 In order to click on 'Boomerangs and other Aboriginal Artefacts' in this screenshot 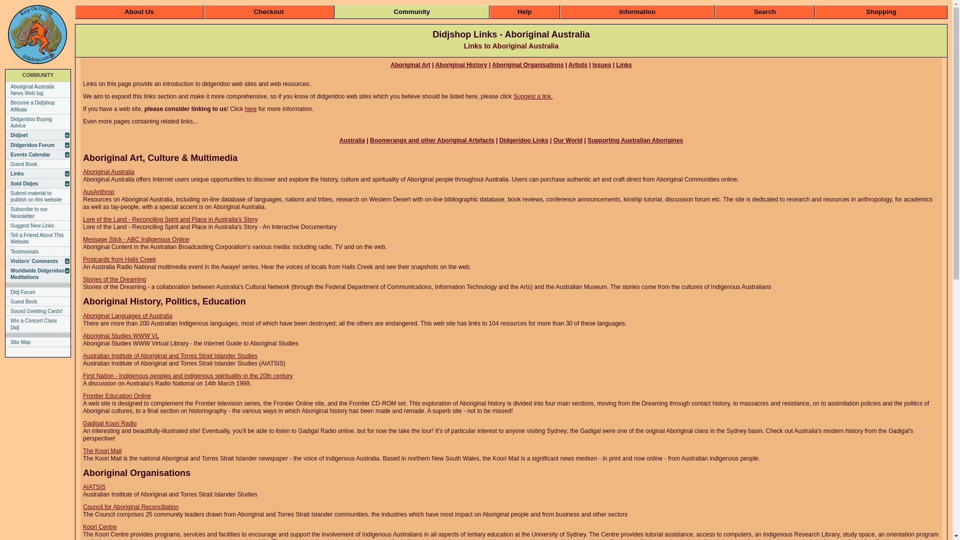, I will do `click(432, 140)`.